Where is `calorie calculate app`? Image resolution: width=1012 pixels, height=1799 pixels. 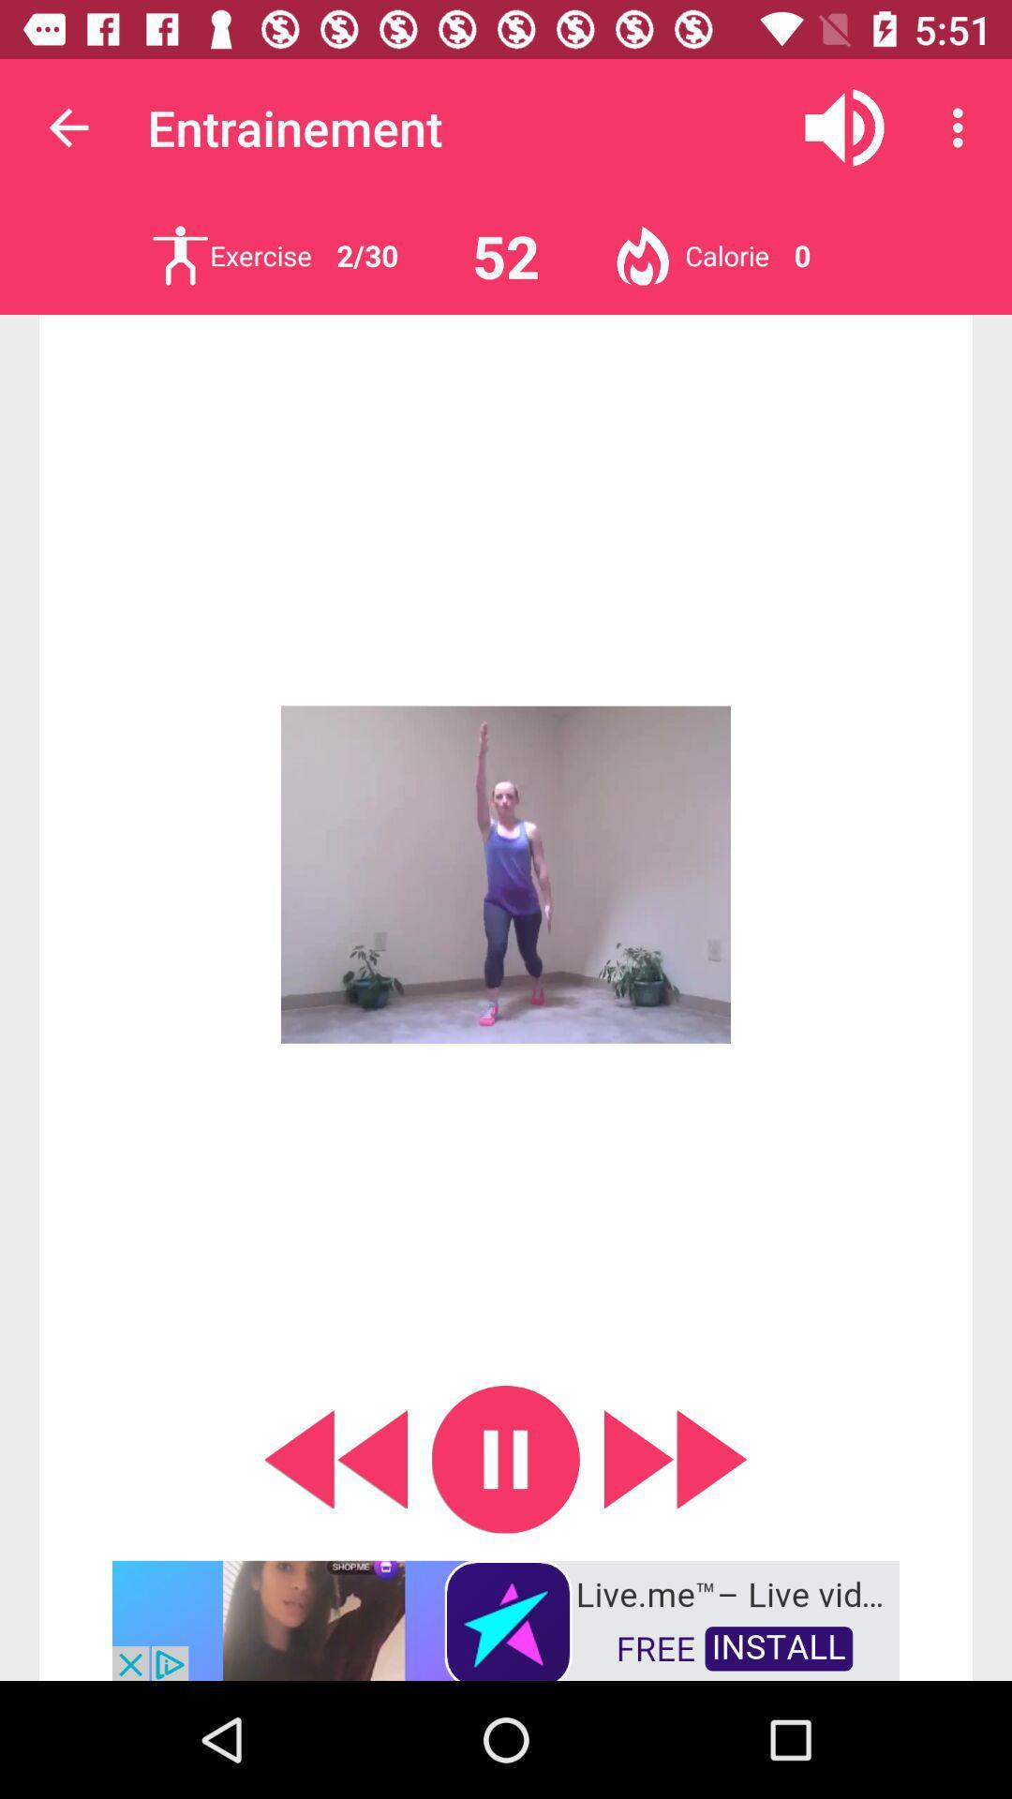
calorie calculate app is located at coordinates (642, 255).